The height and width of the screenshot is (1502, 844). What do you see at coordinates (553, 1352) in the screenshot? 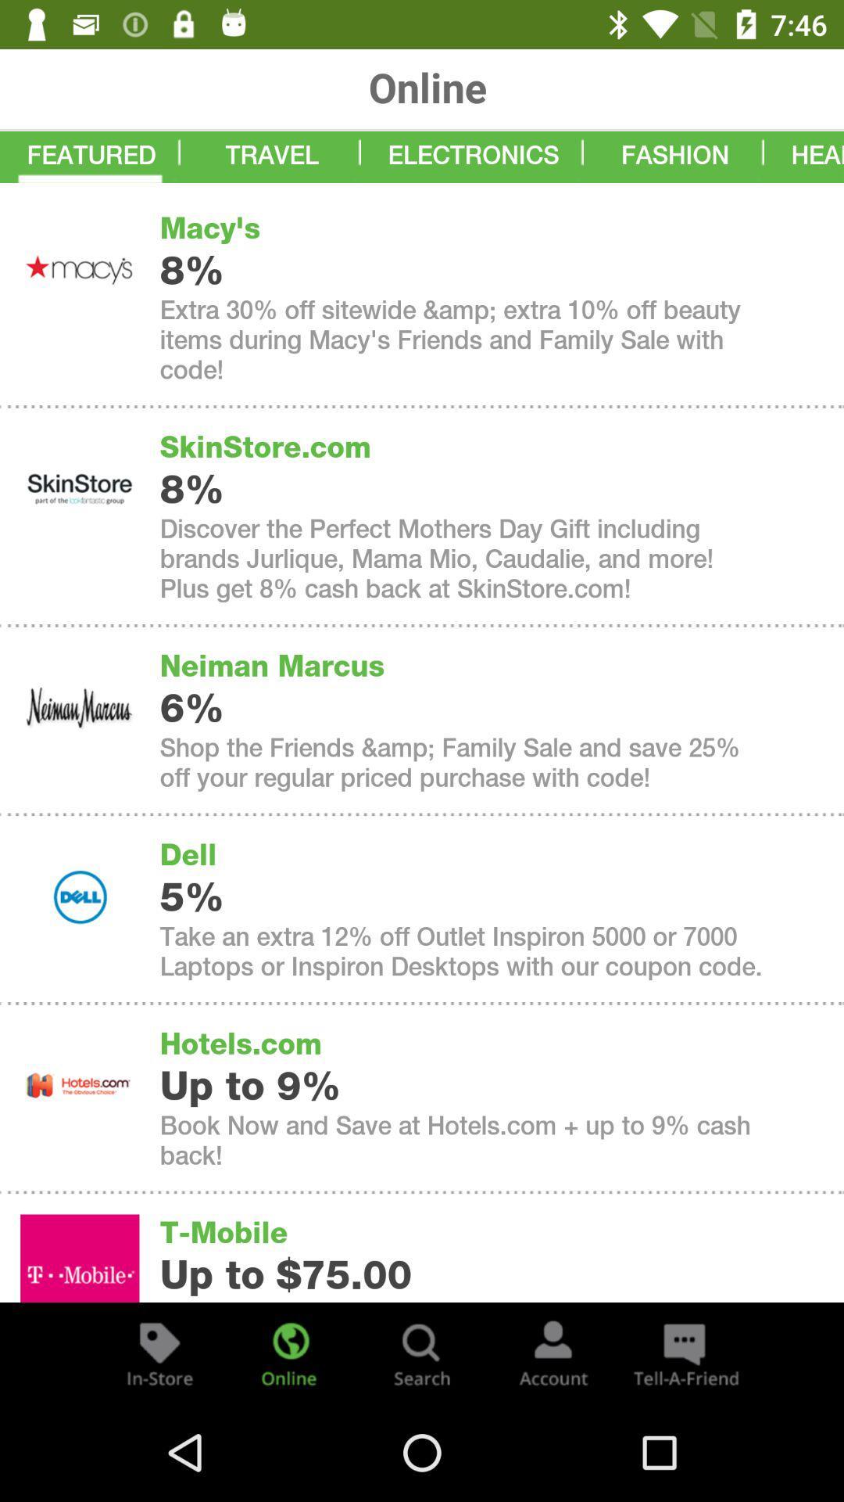
I see `the avatar icon` at bounding box center [553, 1352].